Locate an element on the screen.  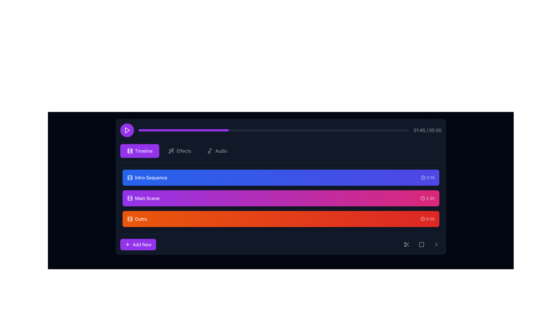
the 'Intro Sequence' card at the top of the list is located at coordinates (281, 177).